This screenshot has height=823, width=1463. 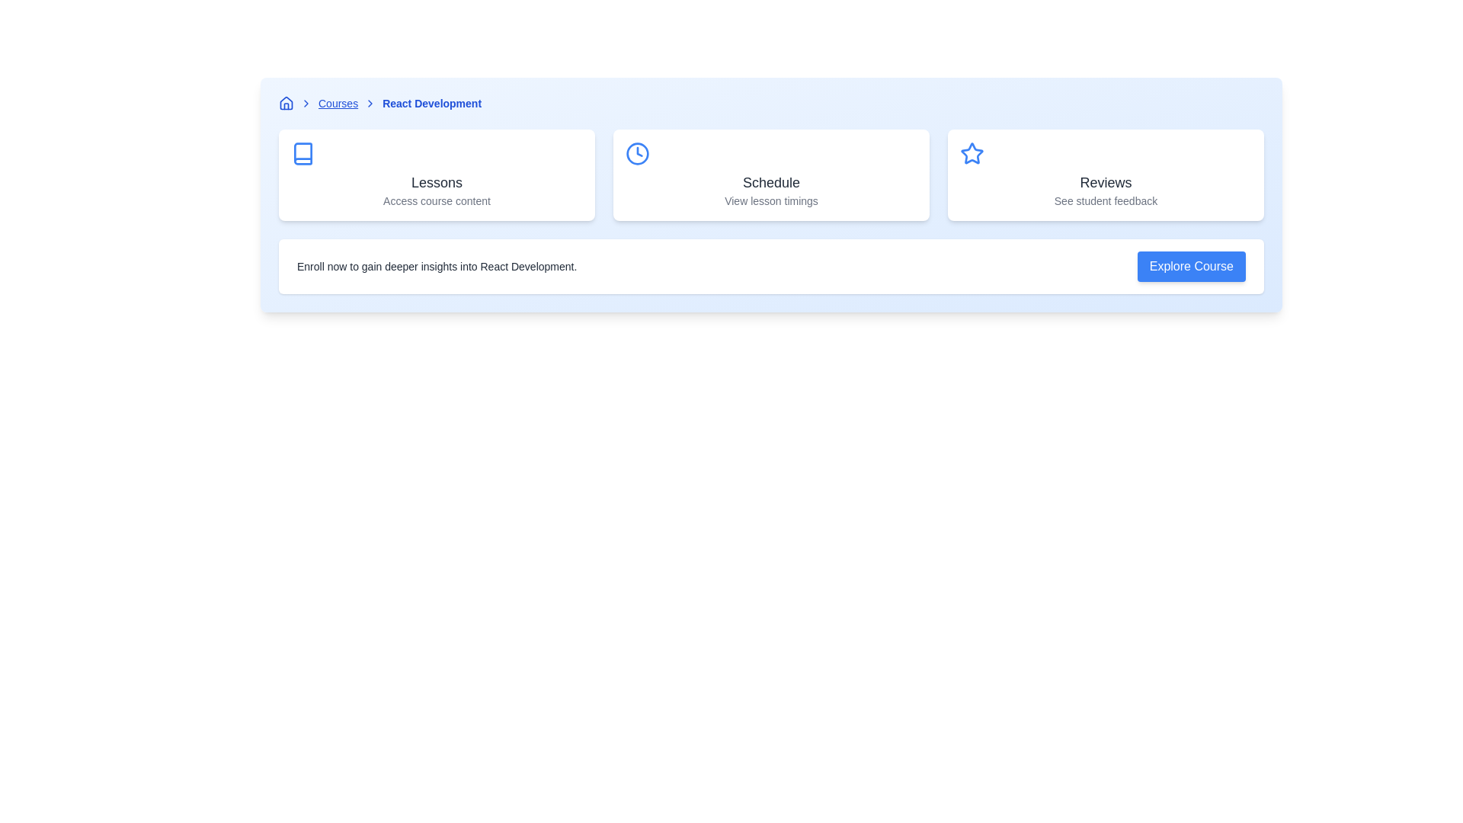 What do you see at coordinates (370, 103) in the screenshot?
I see `the chevron SVG icon pointing to the right in the breadcrumb navigation bar, located between 'Courses' and 'React Development'` at bounding box center [370, 103].